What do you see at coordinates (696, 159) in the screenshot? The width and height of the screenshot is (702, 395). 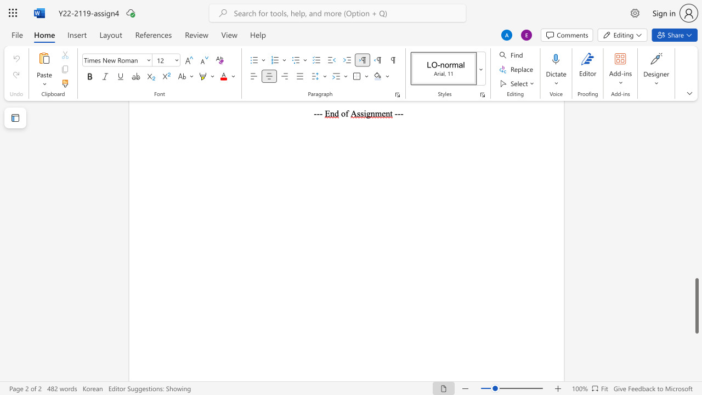 I see `the scrollbar on the right to shift the page higher` at bounding box center [696, 159].